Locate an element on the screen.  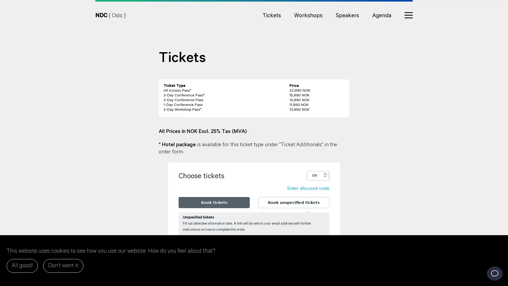
Enter discount code is located at coordinates (311, 187).